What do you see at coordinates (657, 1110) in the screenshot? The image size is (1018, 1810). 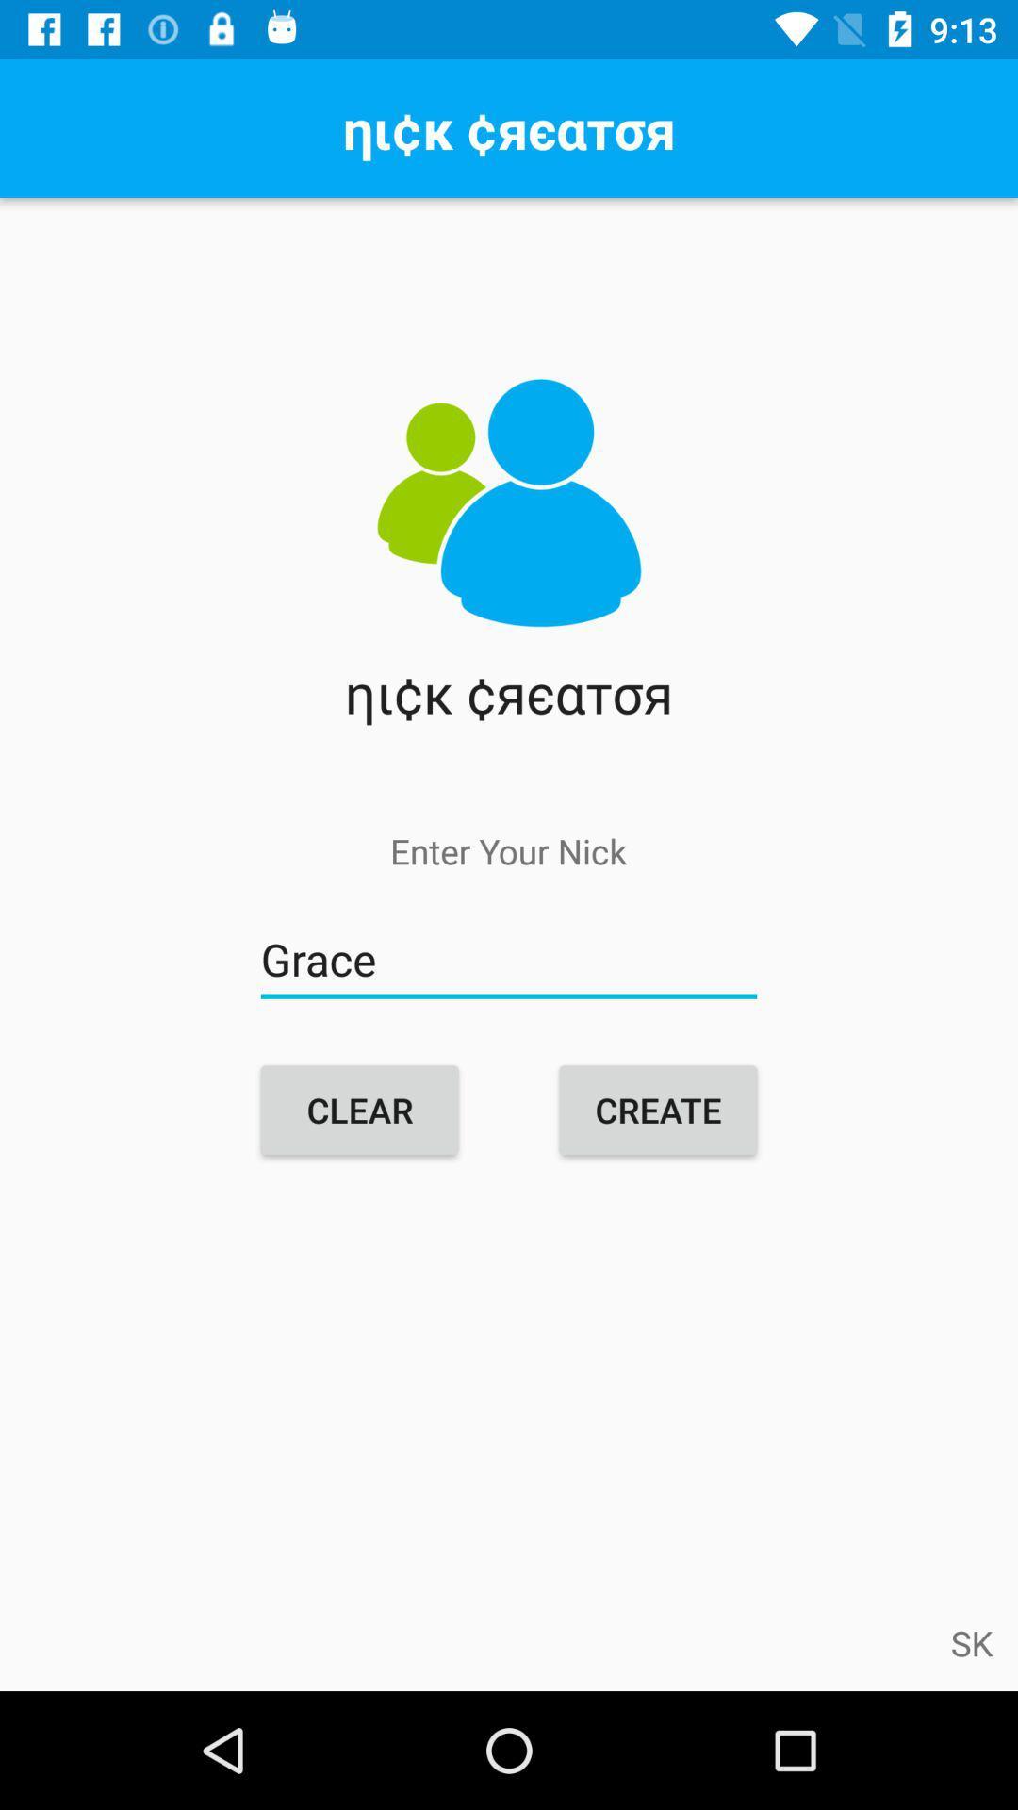 I see `create icon` at bounding box center [657, 1110].